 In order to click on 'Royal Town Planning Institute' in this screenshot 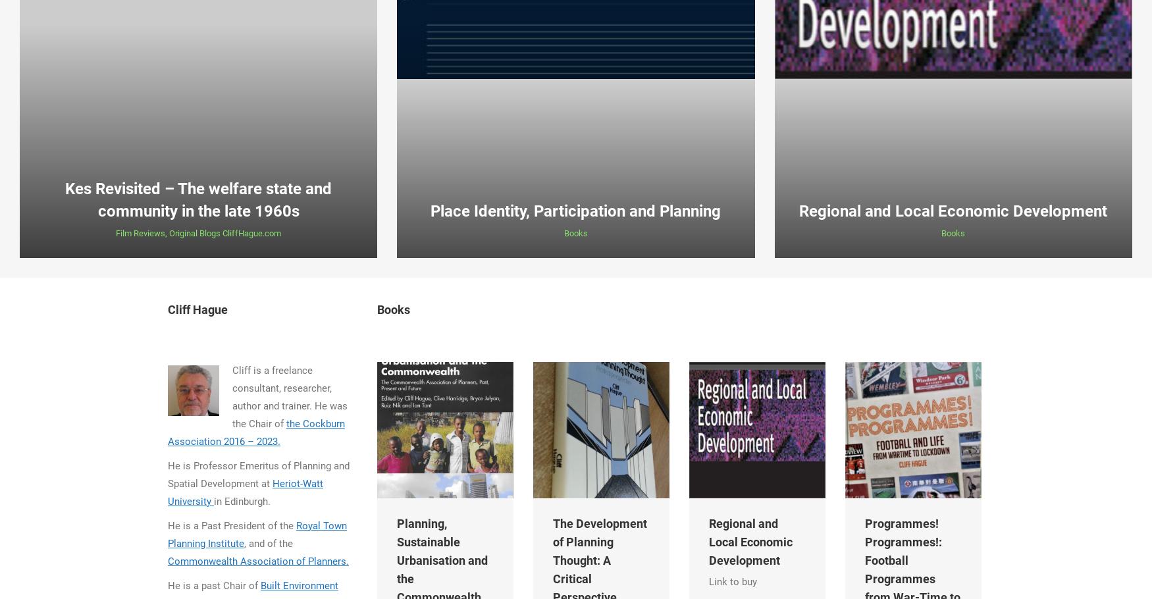, I will do `click(167, 533)`.